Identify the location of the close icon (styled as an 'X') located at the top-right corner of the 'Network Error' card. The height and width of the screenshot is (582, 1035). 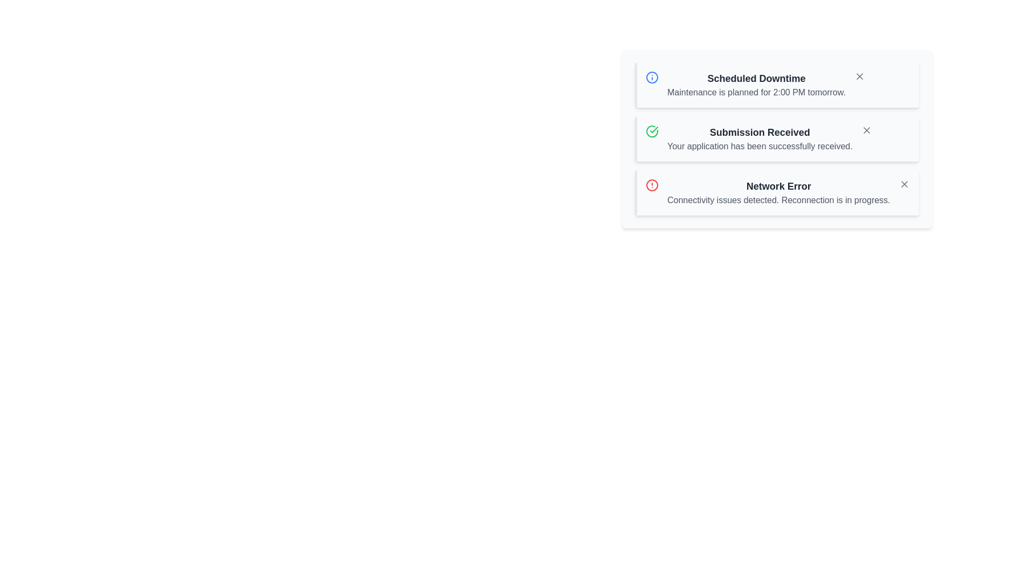
(904, 184).